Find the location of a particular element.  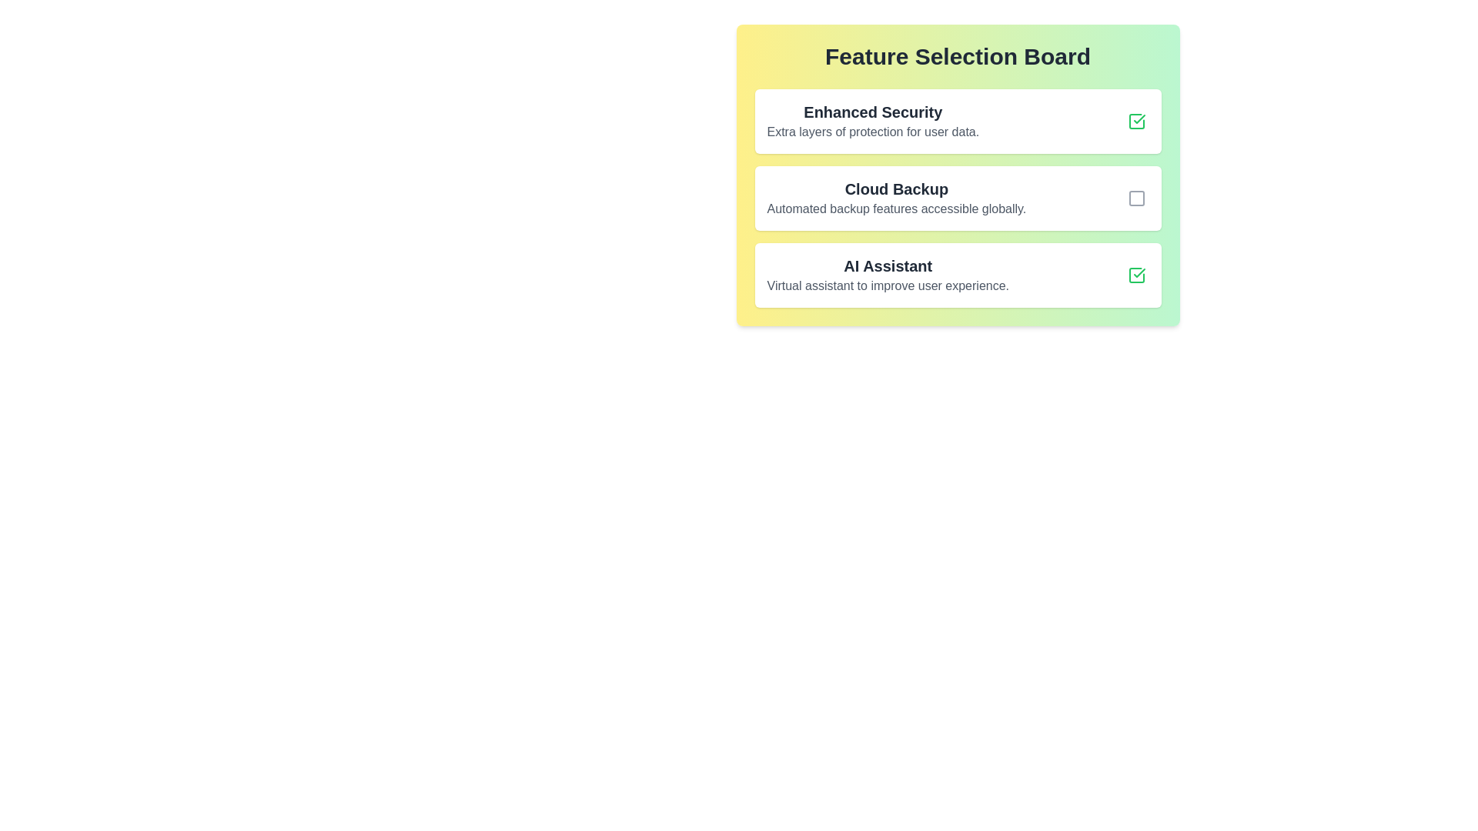

the checkbox indicating the status of the 'AI Assistant' feature located in the third row of the feature selection board is located at coordinates (1136, 275).